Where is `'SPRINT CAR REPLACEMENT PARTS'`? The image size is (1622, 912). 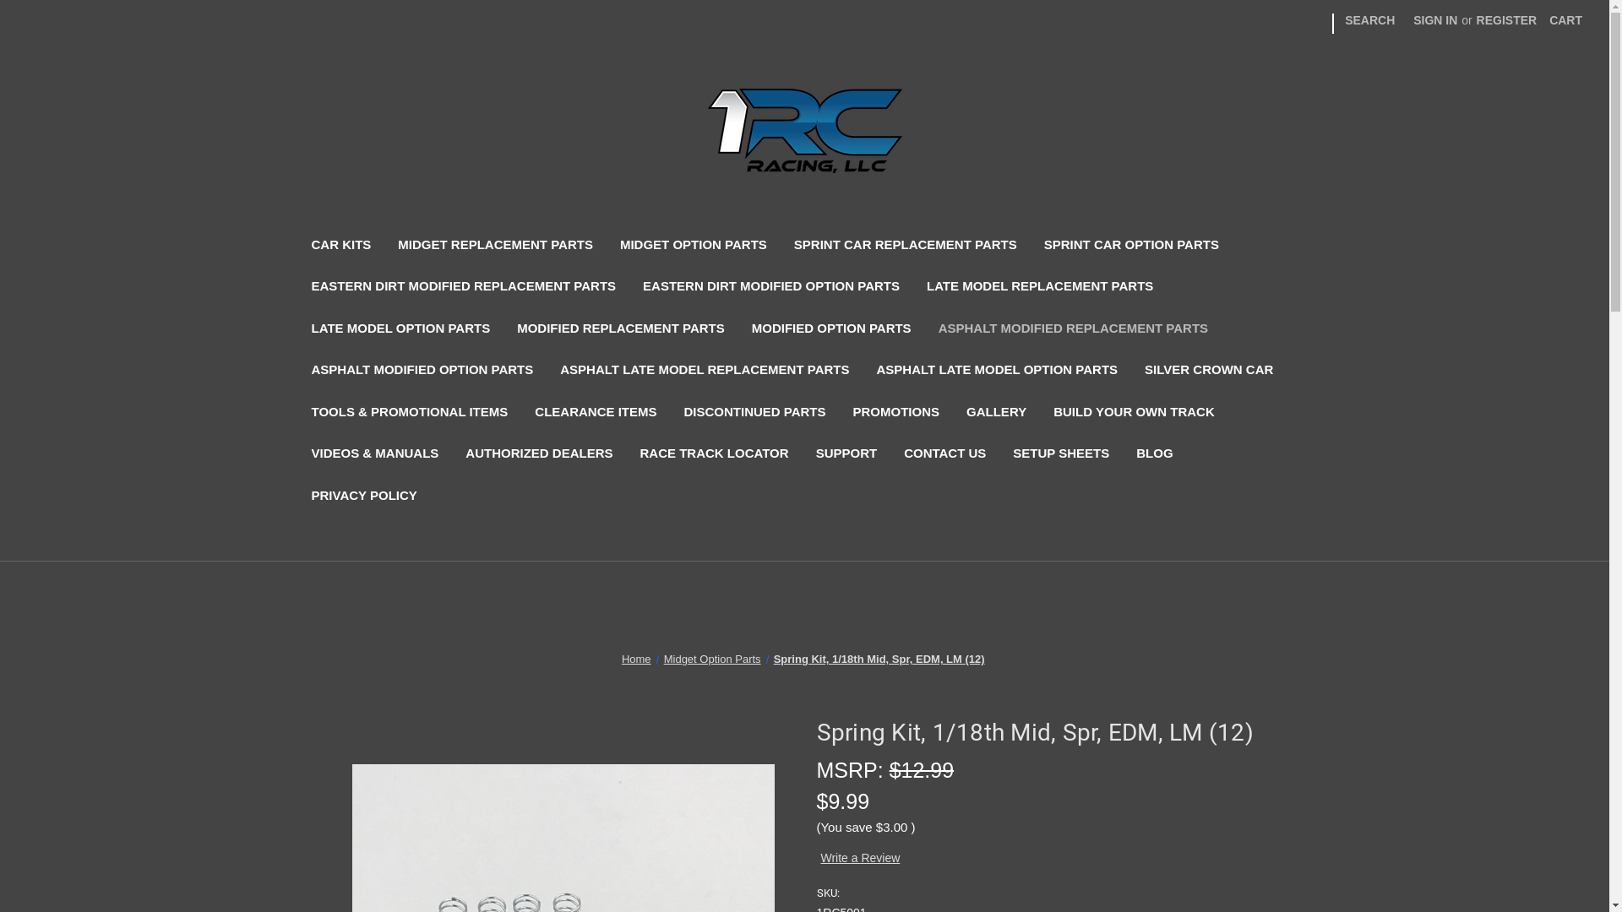
'SPRINT CAR REPLACEMENT PARTS' is located at coordinates (904, 247).